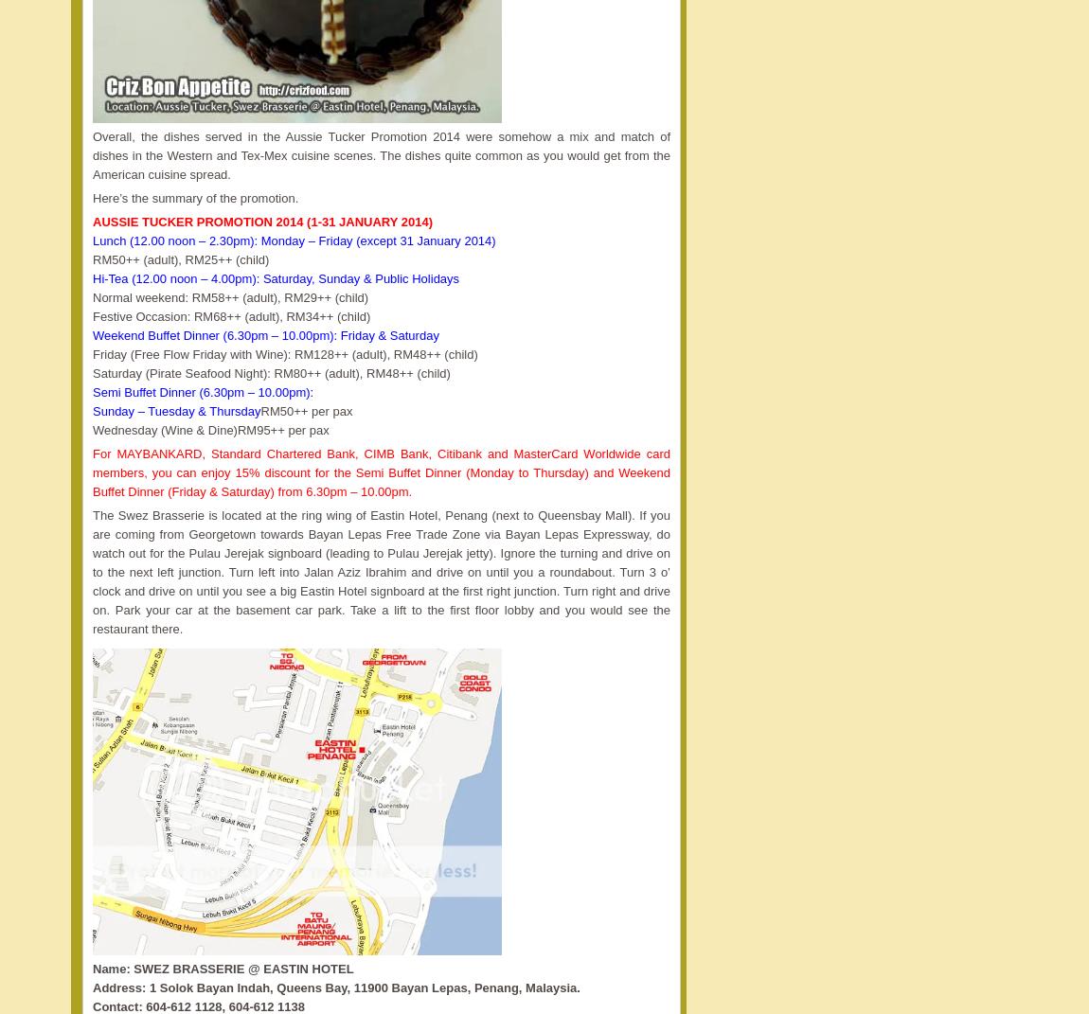 Image resolution: width=1089 pixels, height=1014 pixels. Describe the element at coordinates (294, 240) in the screenshot. I see `'Lunch (12.00 noon – 2.30pm): Monday – Friday (except 31 January 2014)'` at that location.